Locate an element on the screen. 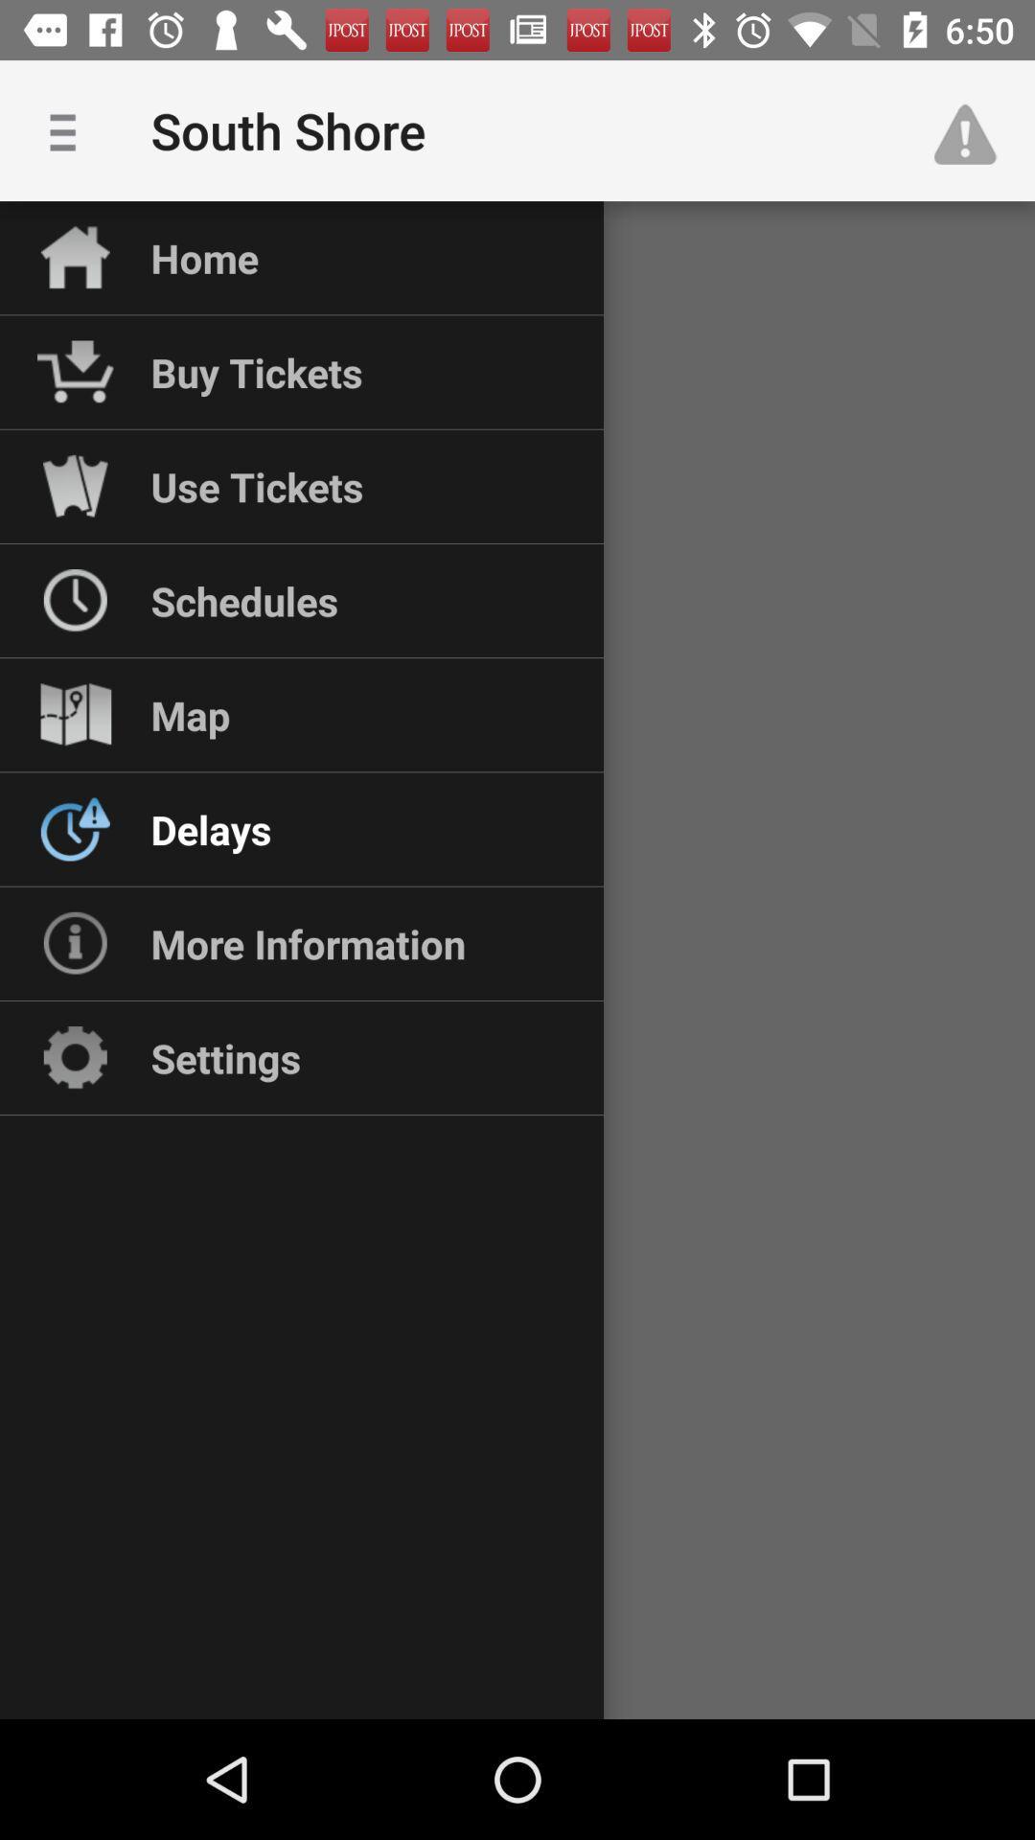 Image resolution: width=1035 pixels, height=1840 pixels. the delays icon is located at coordinates (211, 829).